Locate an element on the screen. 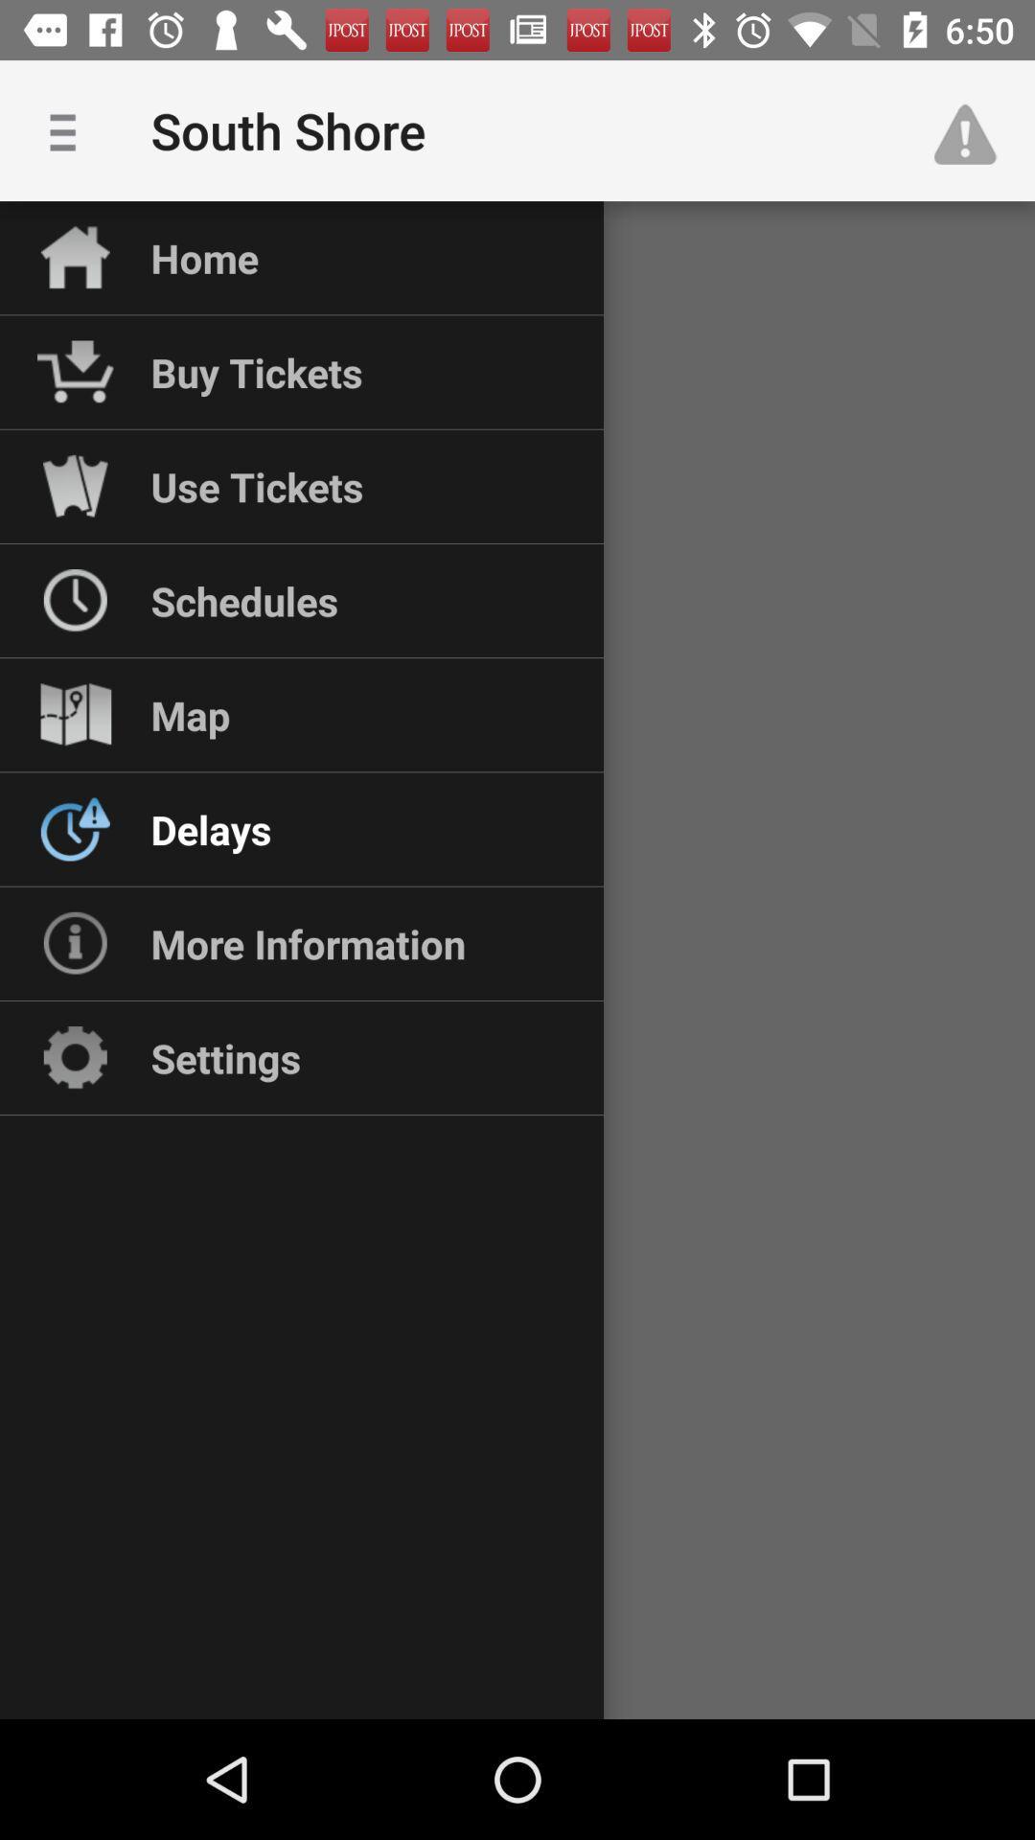 Image resolution: width=1035 pixels, height=1840 pixels. the delays icon is located at coordinates (211, 829).